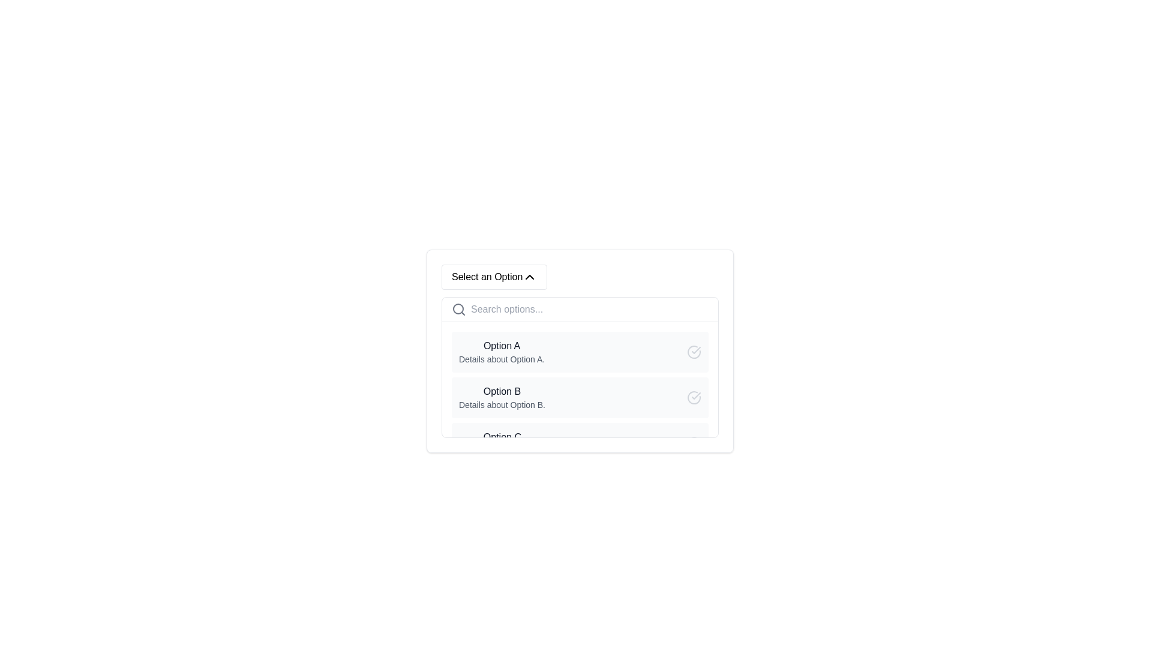 This screenshot has height=648, width=1152. I want to click on the second option in the dropdown menu labeled 'Select an Option', so click(580, 398).